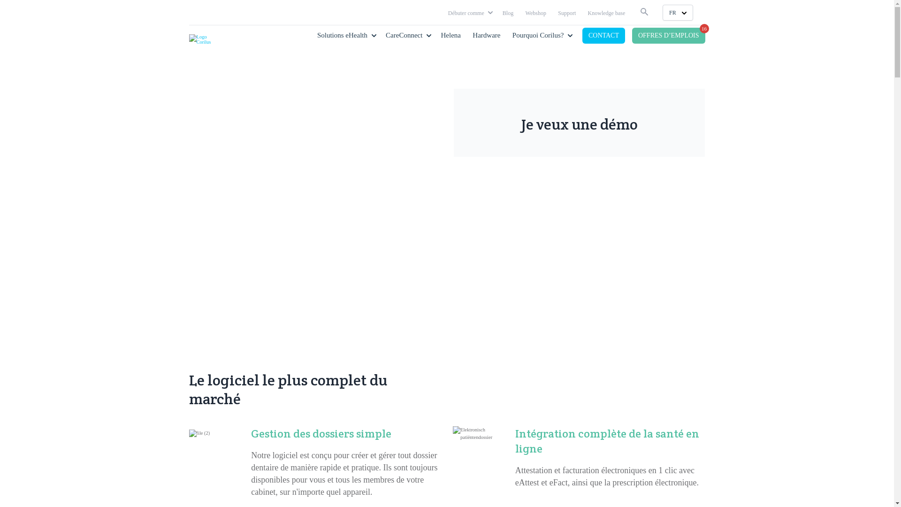 The image size is (901, 507). I want to click on 'CONTACT', so click(603, 35).